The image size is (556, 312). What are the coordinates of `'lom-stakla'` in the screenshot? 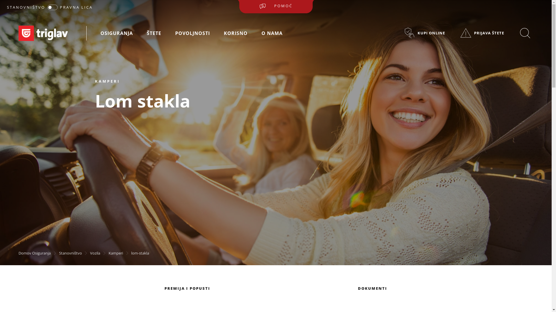 It's located at (140, 252).